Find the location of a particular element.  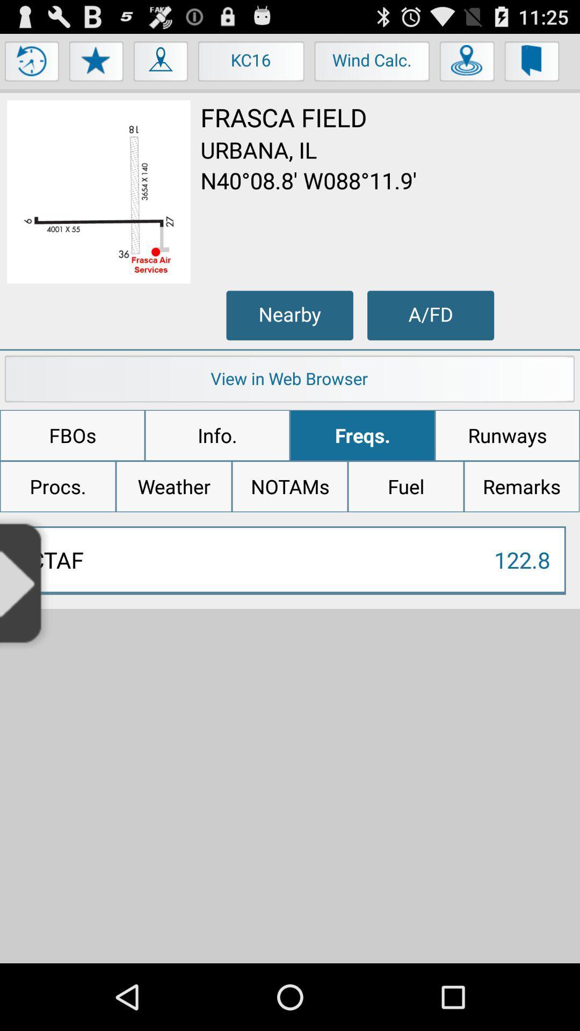

open the map is located at coordinates (161, 63).